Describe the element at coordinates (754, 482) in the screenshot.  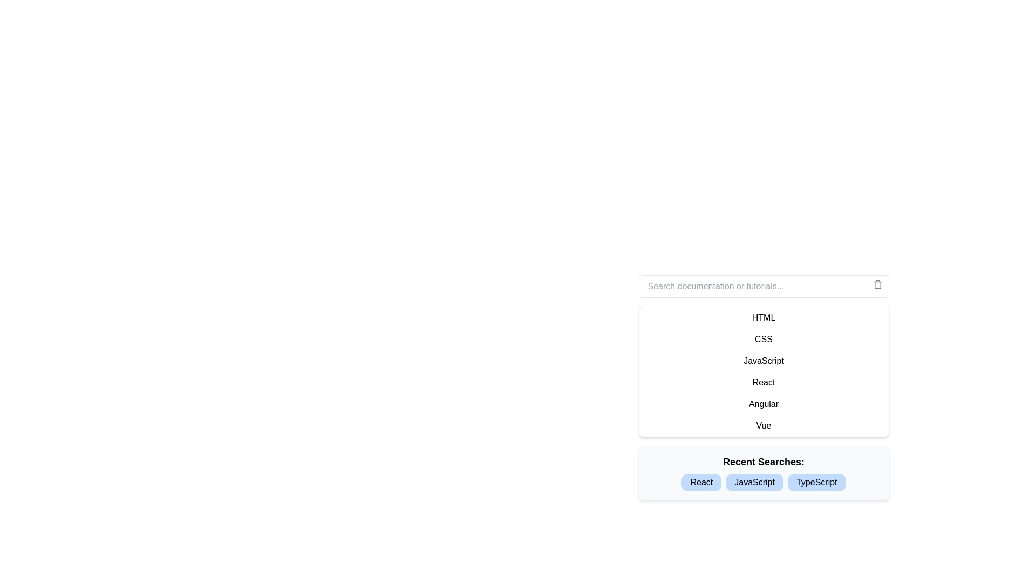
I see `the 'JavaScript' button, which is a horizontally-oriented pill-shaped button with a light blue background and bold black font, located between the 'React' and 'TypeScript' buttons in the 'Recent Searches' section` at that location.